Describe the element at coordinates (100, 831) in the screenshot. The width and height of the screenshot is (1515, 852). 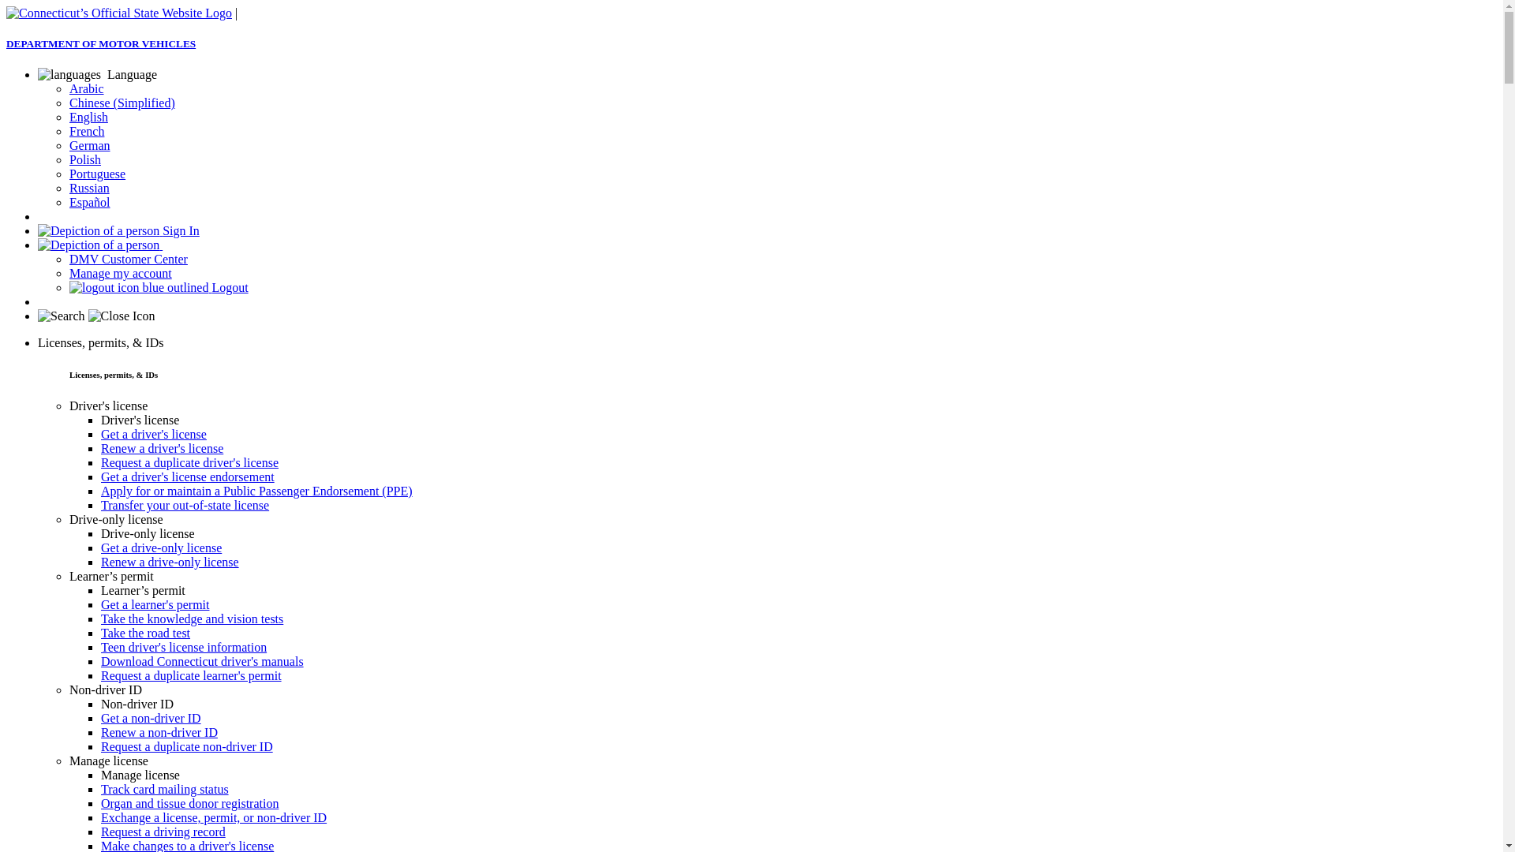
I see `'Request a driving record'` at that location.